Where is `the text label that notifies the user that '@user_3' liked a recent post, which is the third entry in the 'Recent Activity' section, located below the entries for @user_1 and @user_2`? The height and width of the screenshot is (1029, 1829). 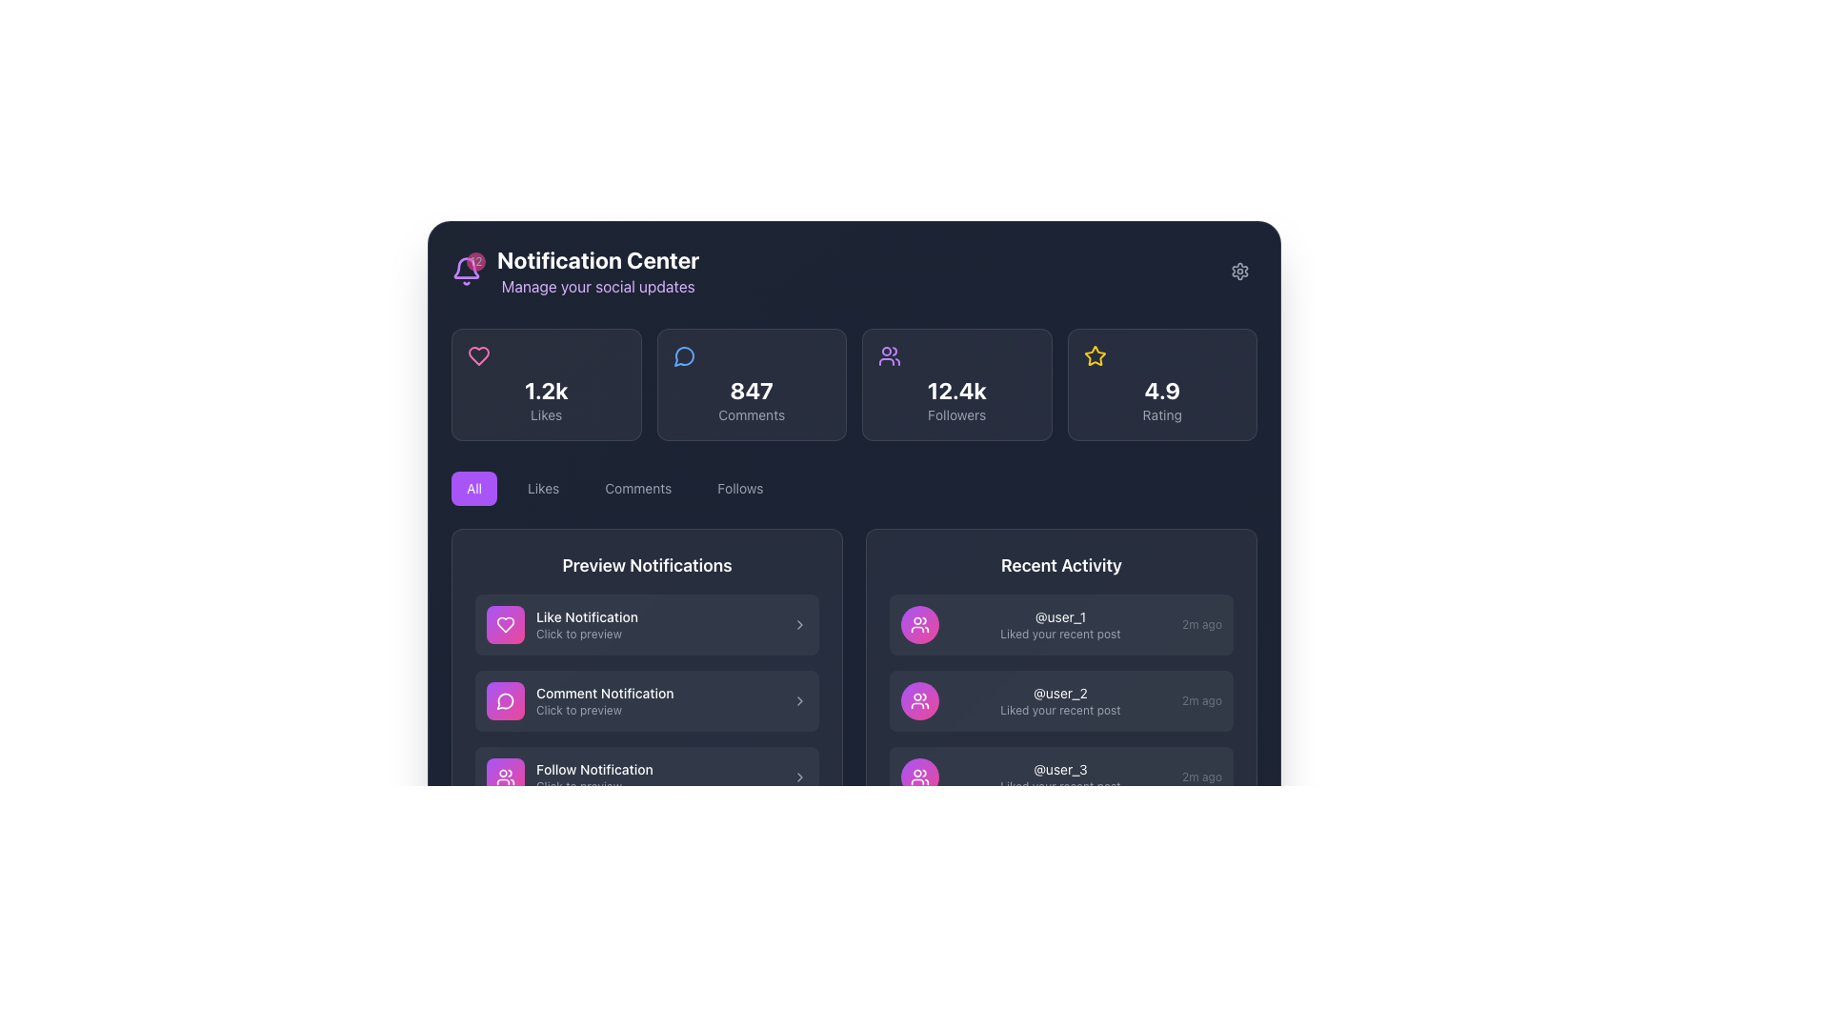 the text label that notifies the user that '@user_3' liked a recent post, which is the third entry in the 'Recent Activity' section, located below the entries for @user_1 and @user_2 is located at coordinates (1059, 777).